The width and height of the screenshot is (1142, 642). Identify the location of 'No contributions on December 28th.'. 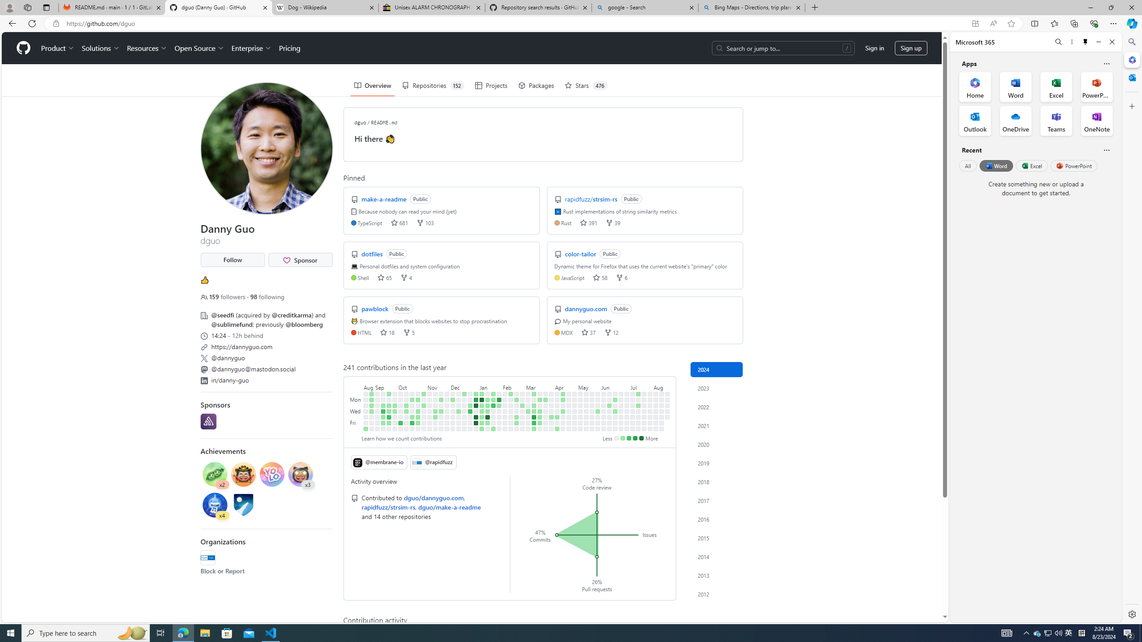
(470, 416).